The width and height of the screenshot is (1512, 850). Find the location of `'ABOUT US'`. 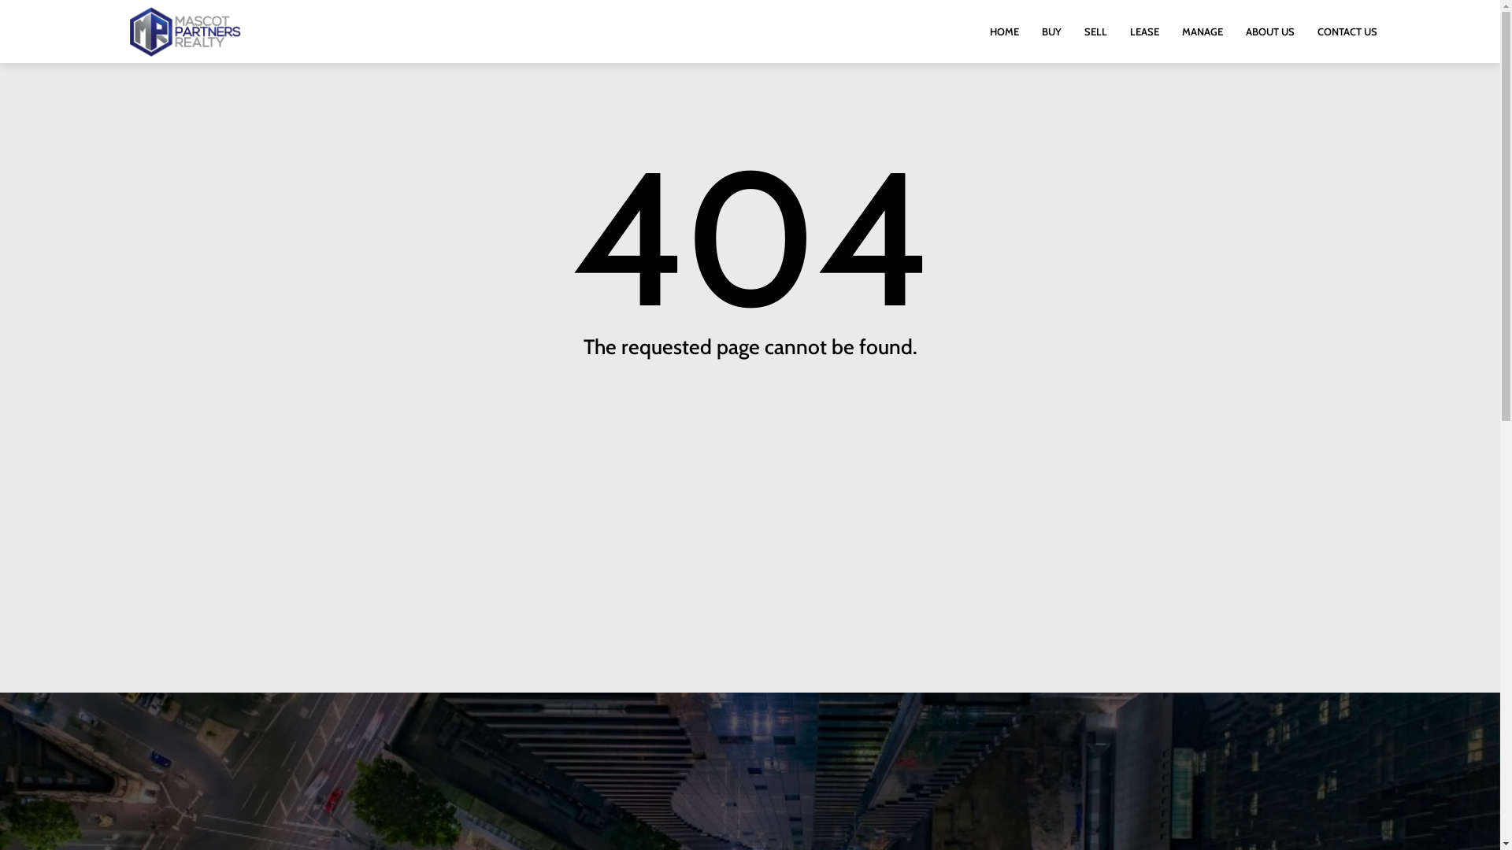

'ABOUT US' is located at coordinates (1269, 31).